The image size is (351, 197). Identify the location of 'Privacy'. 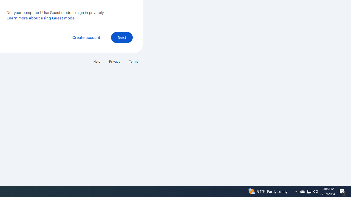
(114, 61).